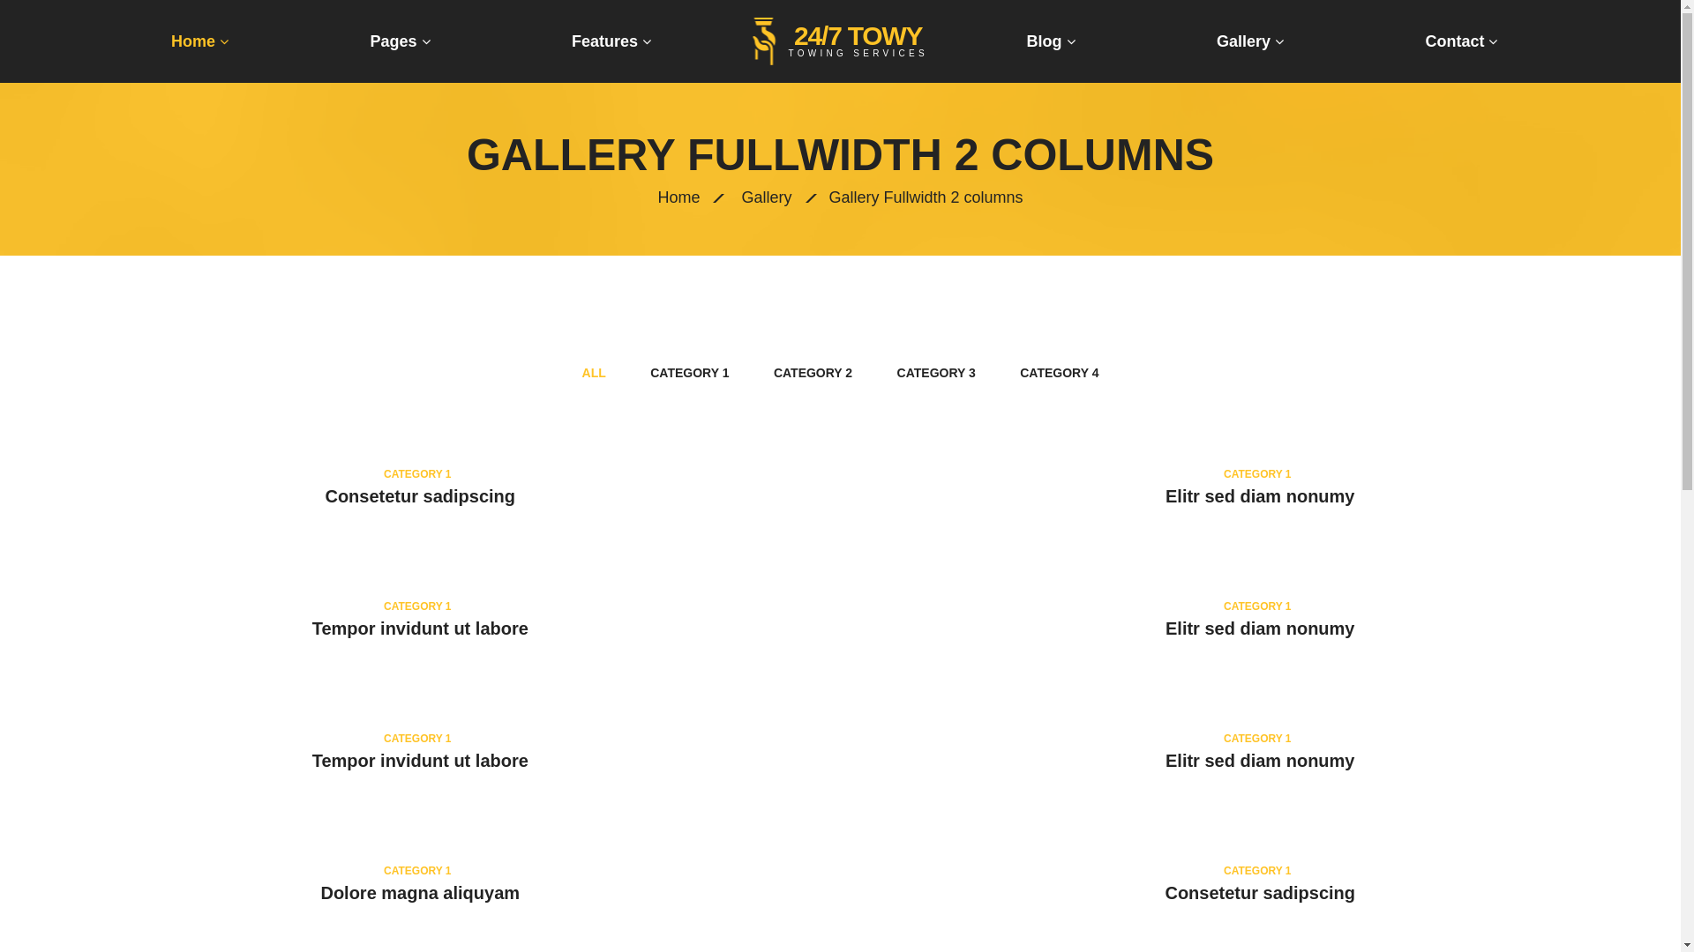  I want to click on 'CATEGORY 4', so click(1059, 372).